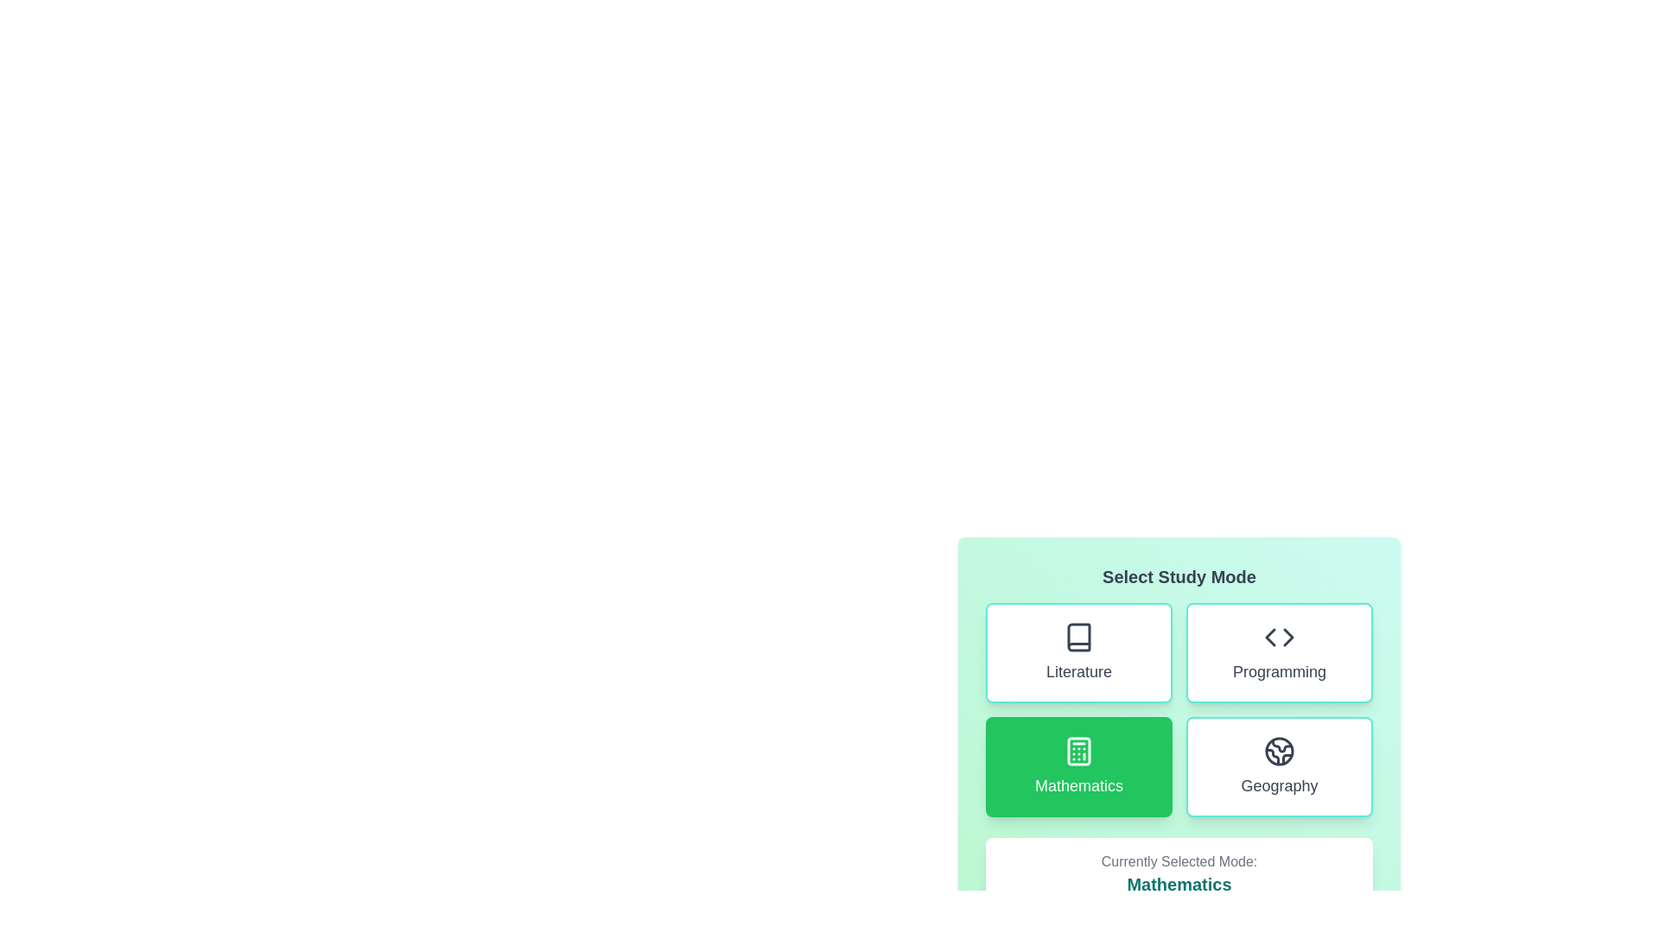 This screenshot has width=1659, height=933. Describe the element at coordinates (1280, 765) in the screenshot. I see `the study mode Geography by clicking its respective button` at that location.